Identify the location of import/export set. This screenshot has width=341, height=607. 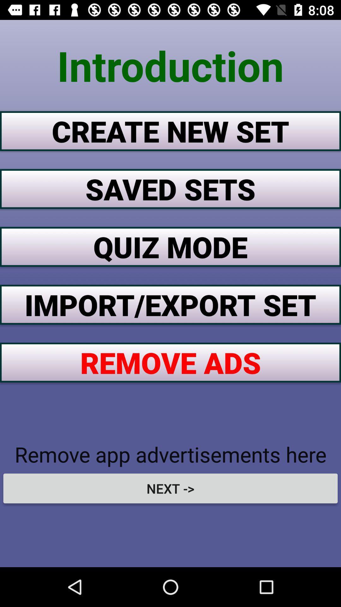
(170, 304).